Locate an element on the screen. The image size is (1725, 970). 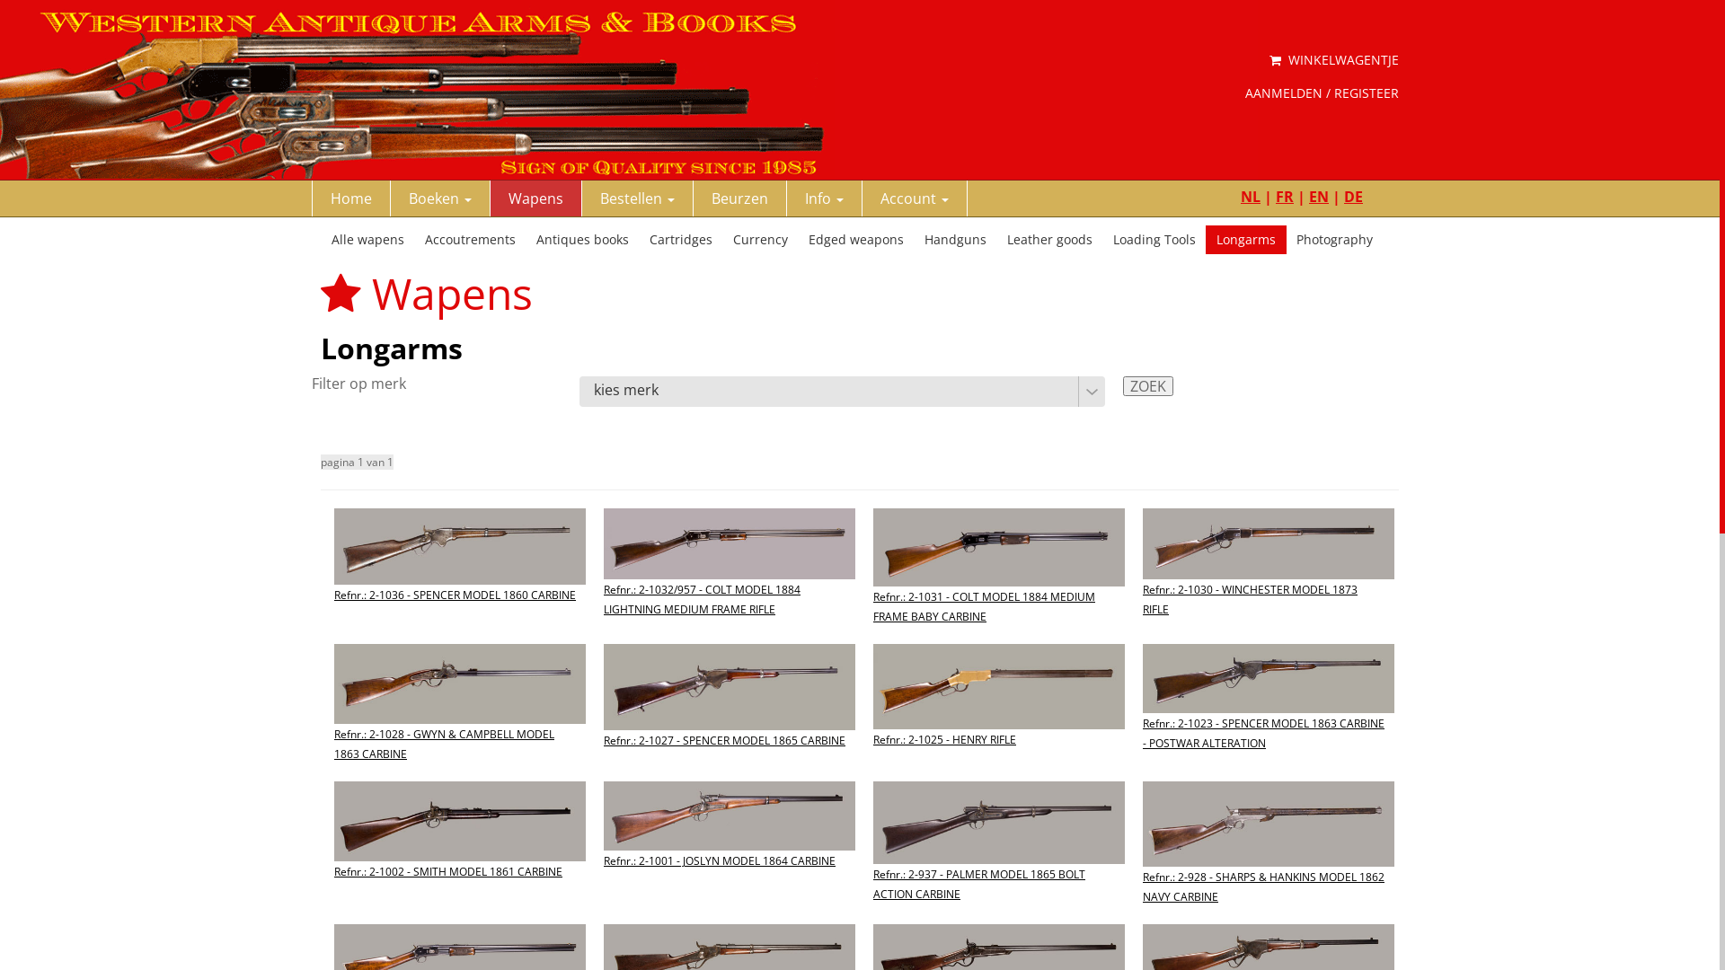
'Refnr.: 2-1030 - WINCHESTER MODEL 1873 RIFLE' is located at coordinates (1267, 575).